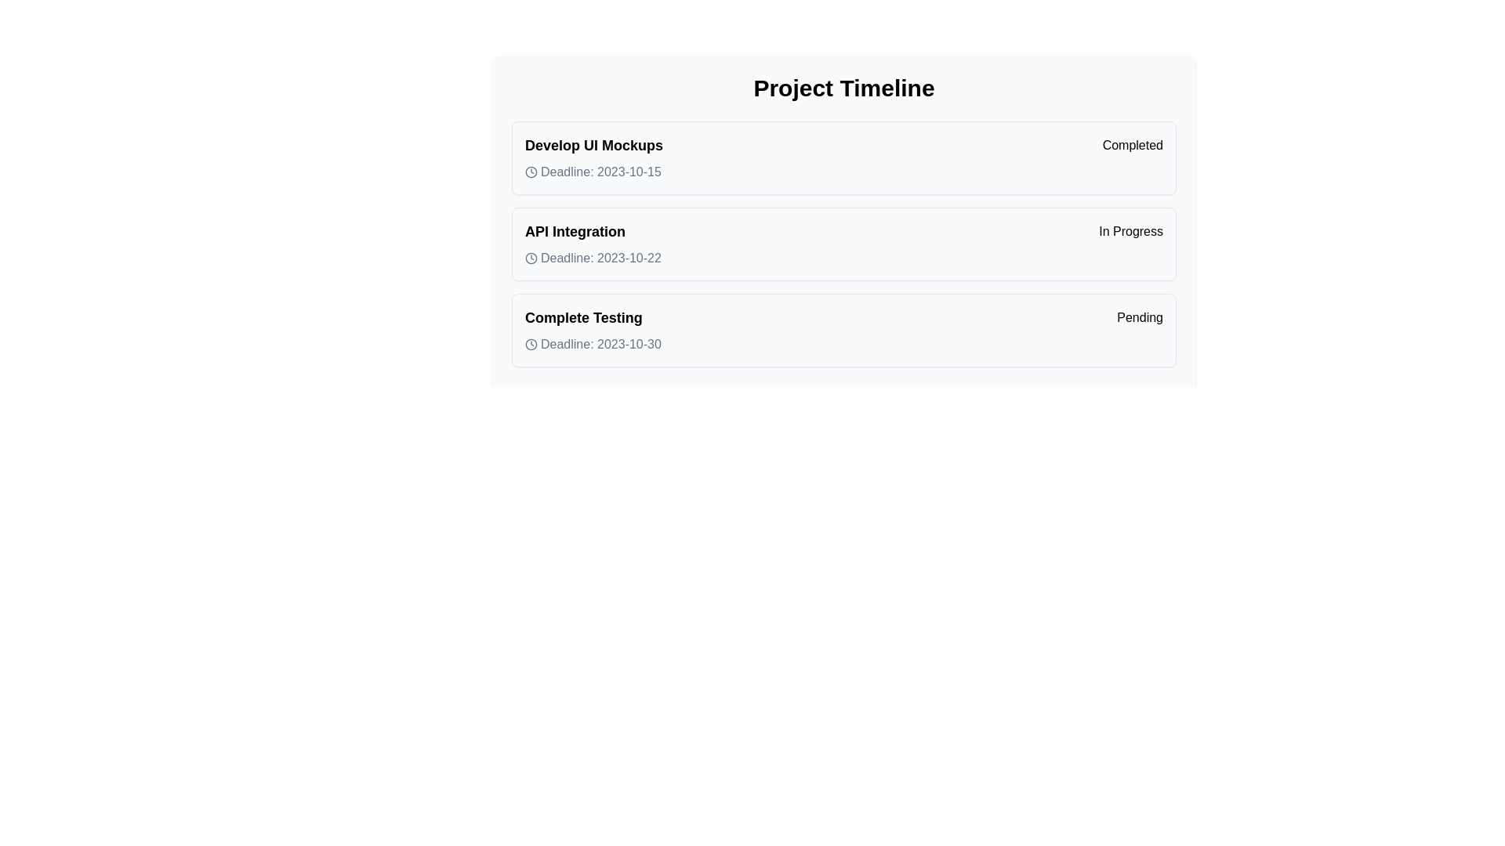 The image size is (1505, 846). What do you see at coordinates (531, 172) in the screenshot?
I see `the decorative icon indicating the deadline for the task 'Develop UI Mockups', located in the first row under 'Project Timeline'` at bounding box center [531, 172].